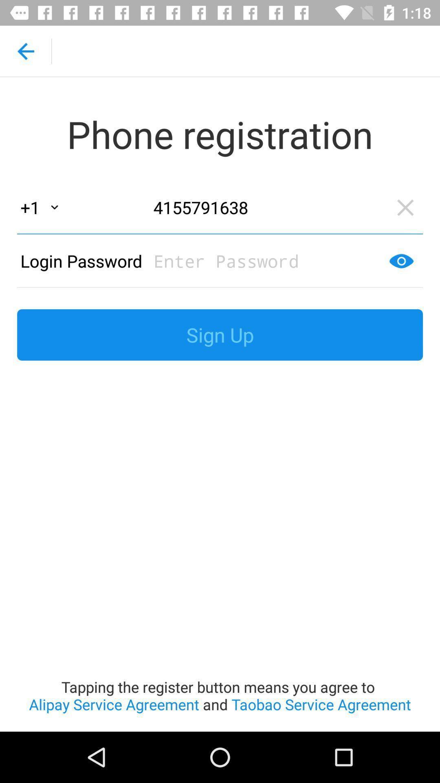 This screenshot has height=783, width=440. What do you see at coordinates (220, 551) in the screenshot?
I see `item below sign up icon` at bounding box center [220, 551].